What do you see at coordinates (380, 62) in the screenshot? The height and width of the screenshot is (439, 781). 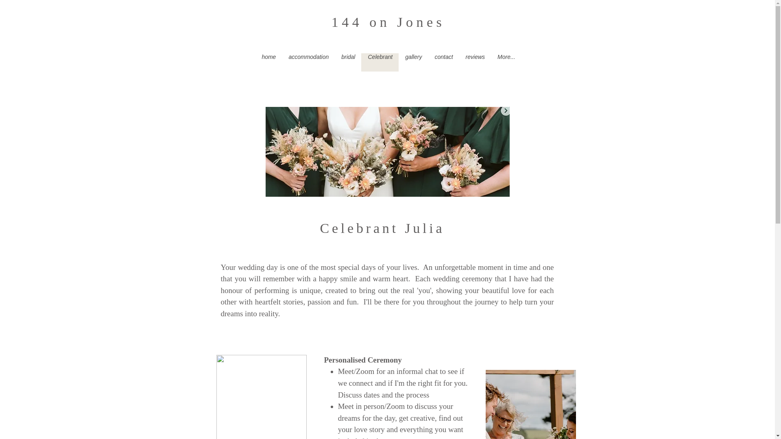 I see `'Celebrant'` at bounding box center [380, 62].